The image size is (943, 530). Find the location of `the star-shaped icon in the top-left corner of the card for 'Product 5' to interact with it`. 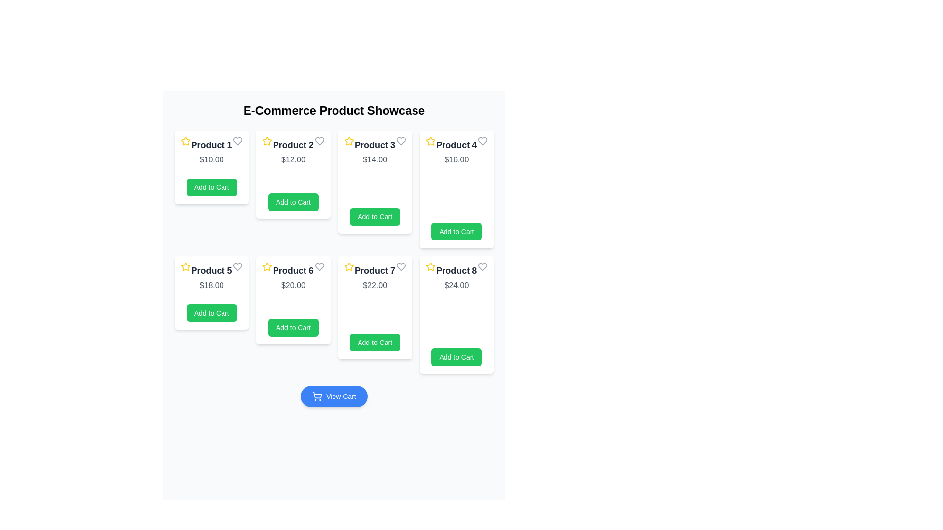

the star-shaped icon in the top-left corner of the card for 'Product 5' to interact with it is located at coordinates (186, 266).